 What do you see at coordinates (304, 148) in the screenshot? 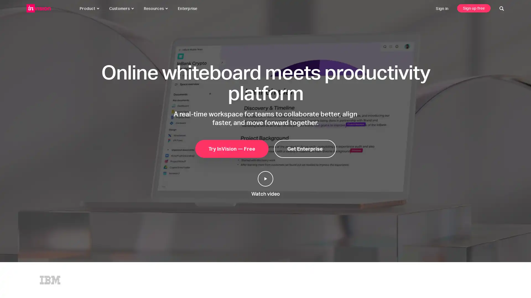
I see `get enterprise` at bounding box center [304, 148].